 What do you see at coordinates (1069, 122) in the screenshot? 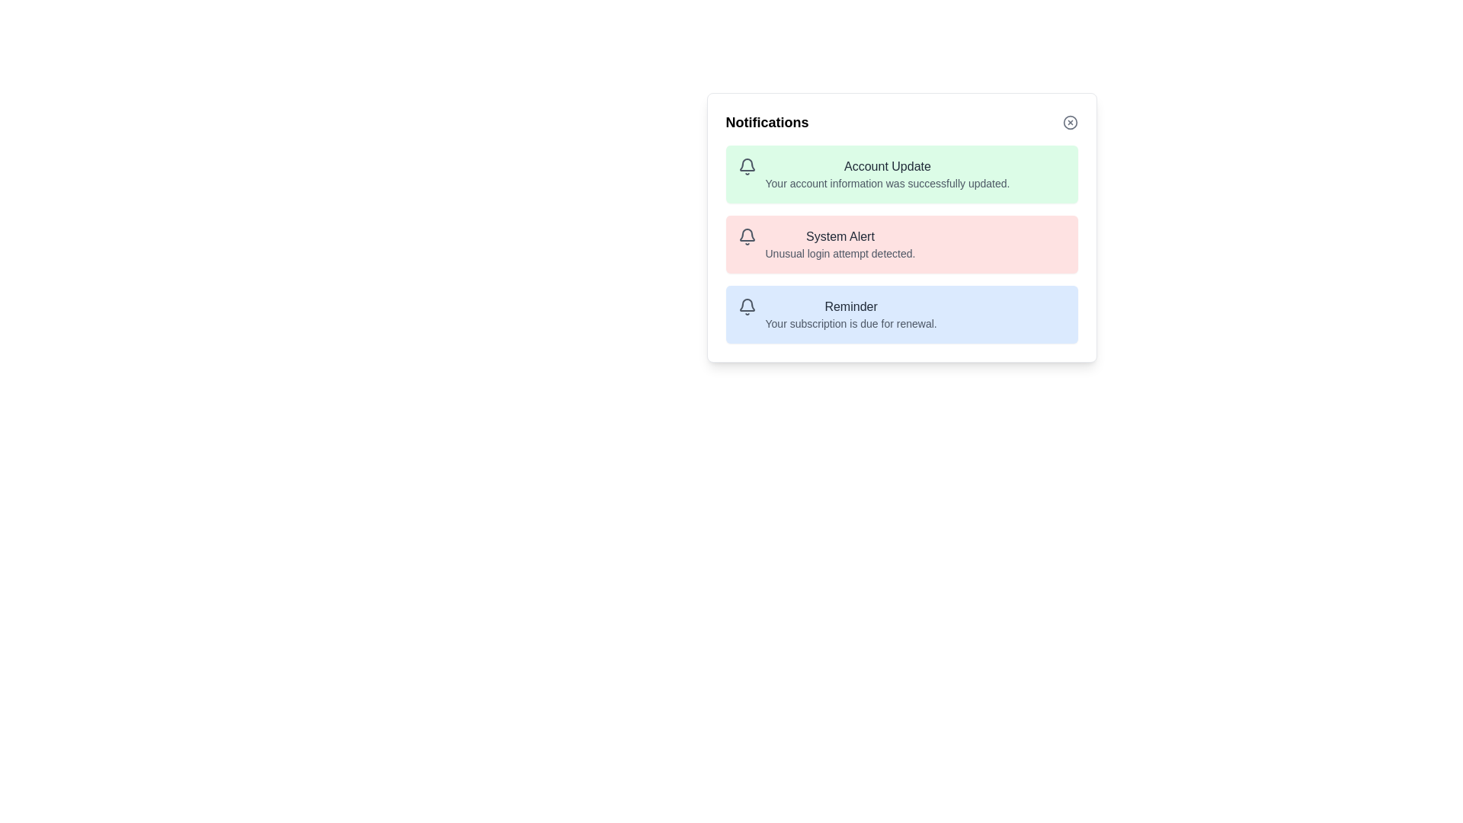
I see `the 'Close' button located in the upper-right corner of the 'Notifications' panel` at bounding box center [1069, 122].